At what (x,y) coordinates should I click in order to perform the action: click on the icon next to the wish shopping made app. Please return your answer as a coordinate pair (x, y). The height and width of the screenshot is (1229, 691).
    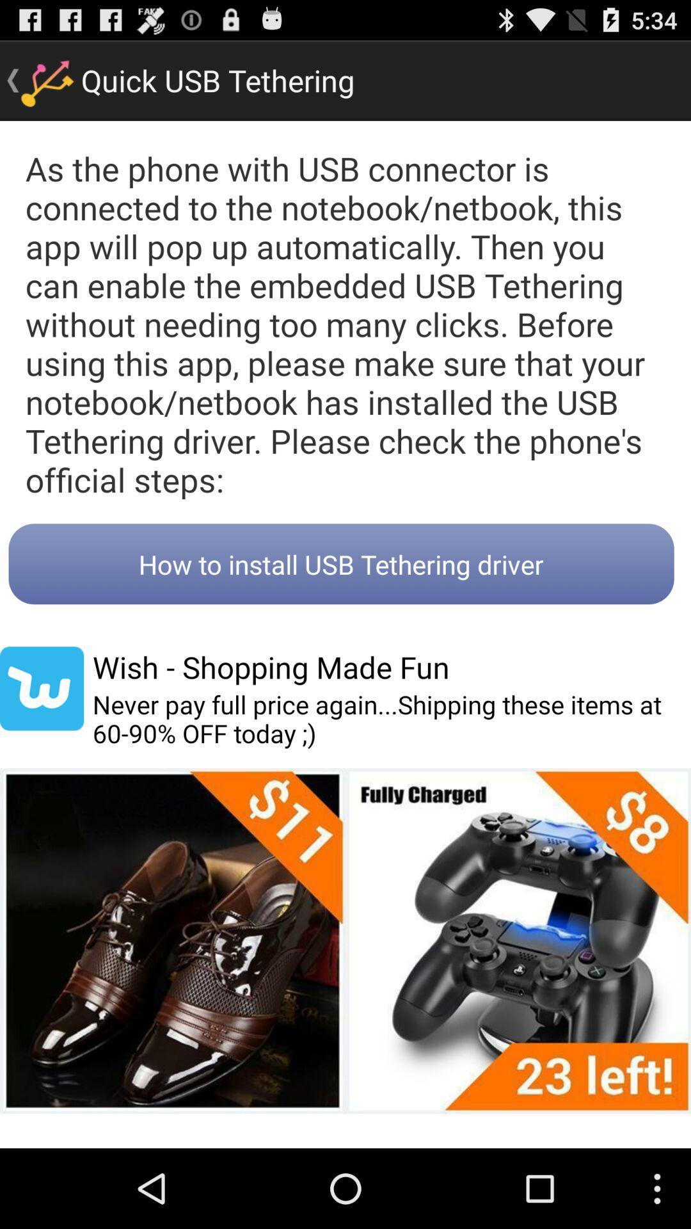
    Looking at the image, I should click on (41, 687).